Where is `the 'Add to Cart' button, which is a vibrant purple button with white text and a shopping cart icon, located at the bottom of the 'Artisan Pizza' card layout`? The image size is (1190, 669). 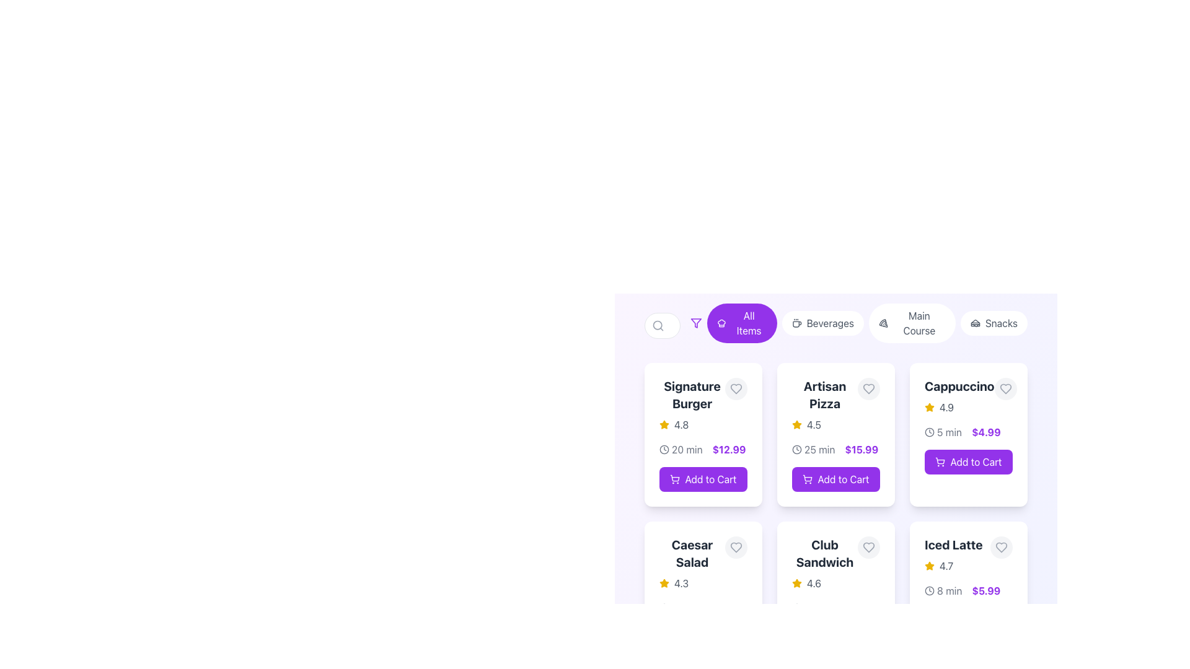
the 'Add to Cart' button, which is a vibrant purple button with white text and a shopping cart icon, located at the bottom of the 'Artisan Pizza' card layout is located at coordinates (835, 479).